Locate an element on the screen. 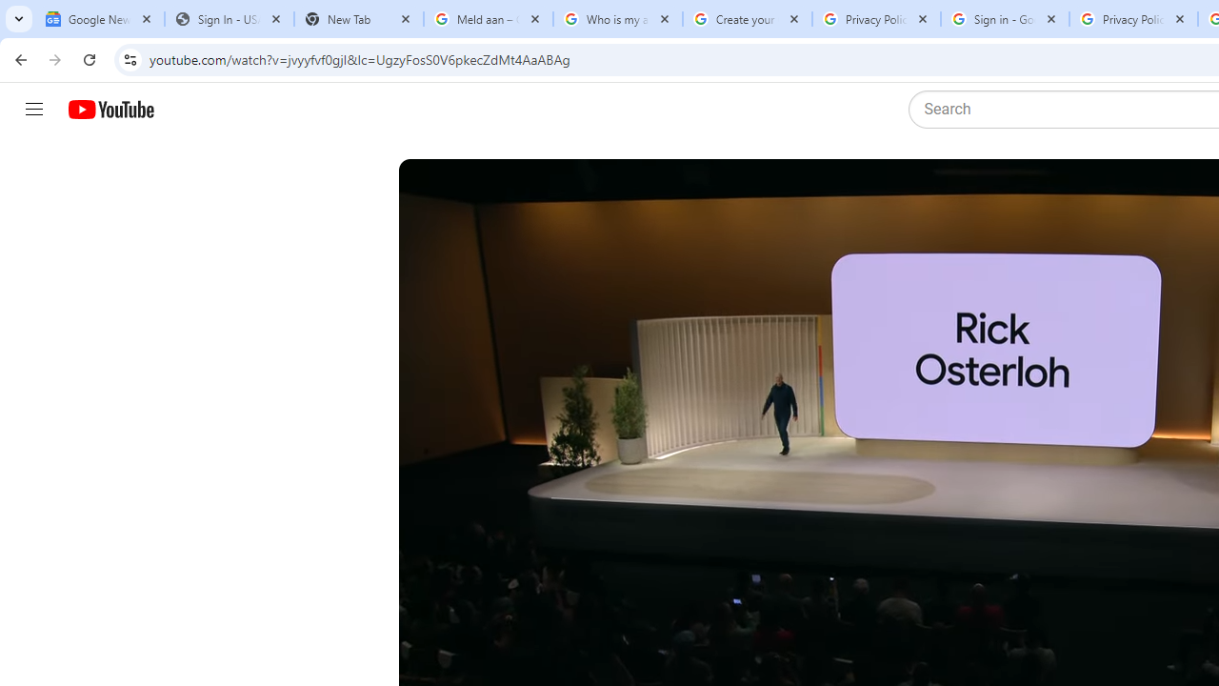 This screenshot has height=686, width=1219. 'Who is my administrator? - Google Account Help' is located at coordinates (617, 19).